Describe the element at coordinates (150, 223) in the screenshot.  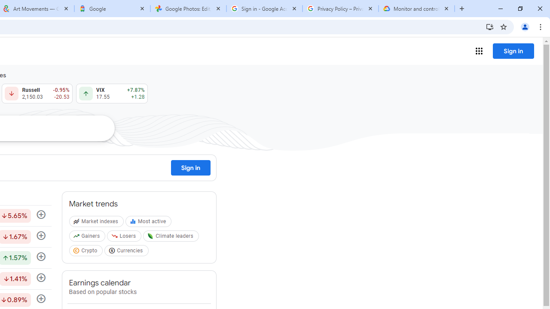
I see `'Most active'` at that location.